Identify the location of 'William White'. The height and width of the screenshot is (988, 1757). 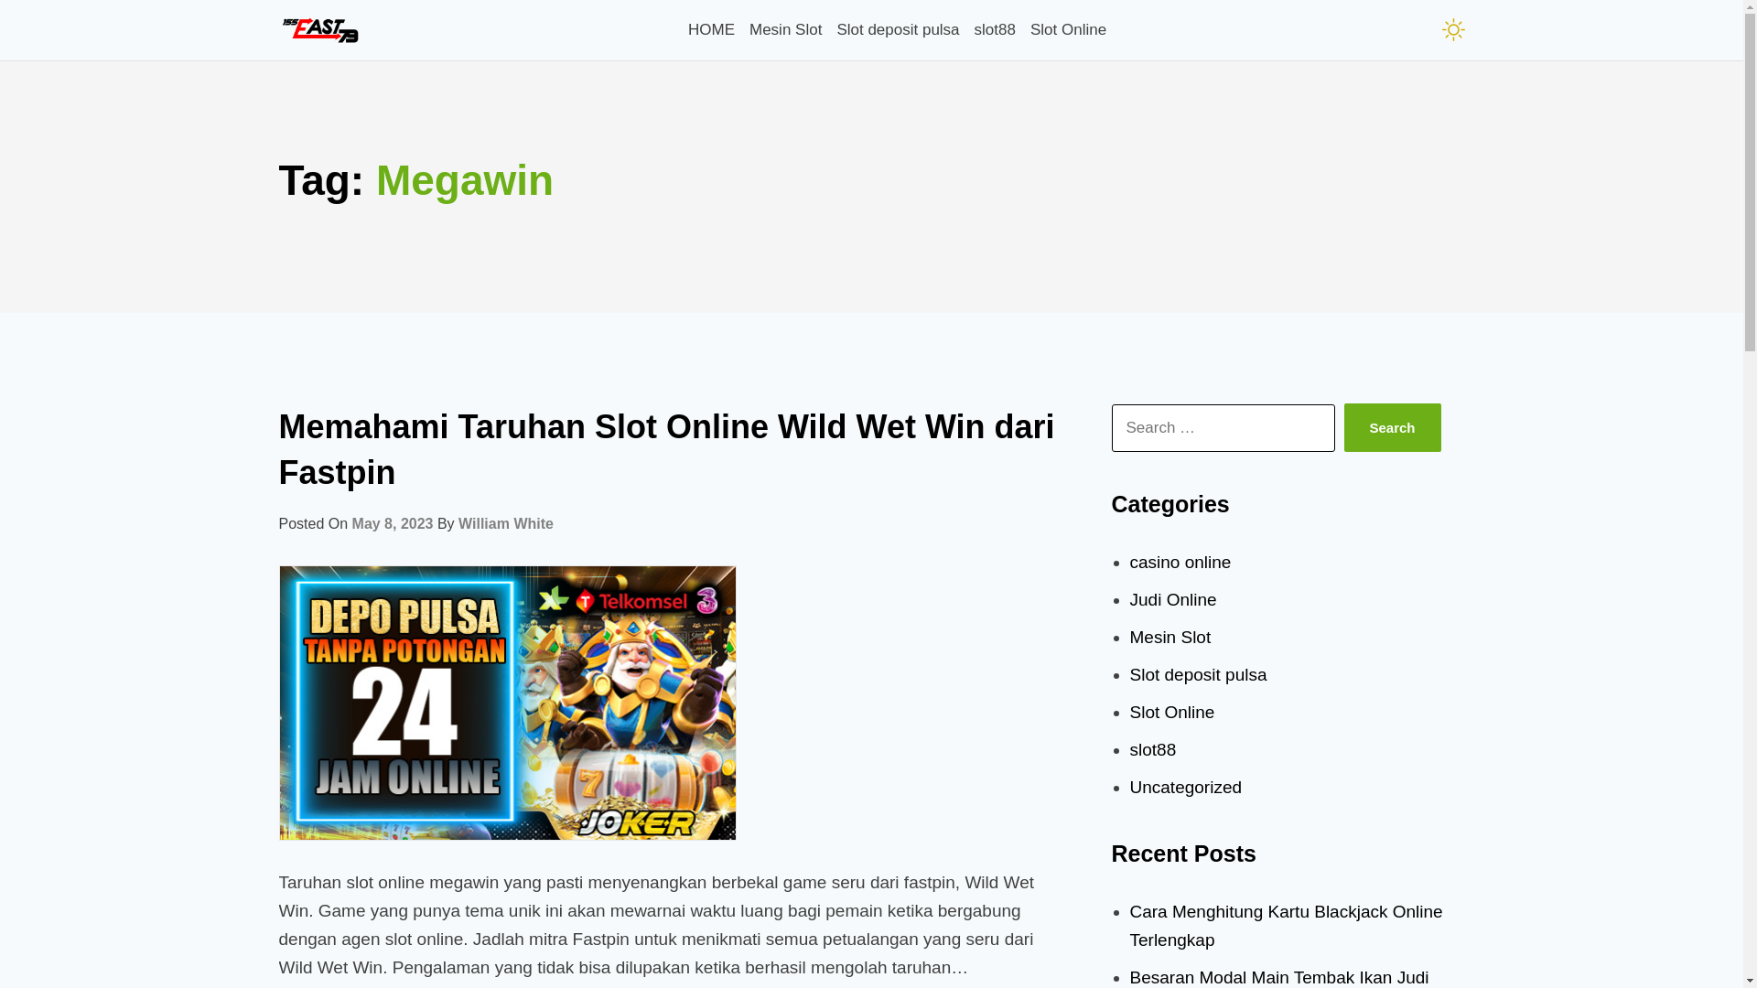
(505, 523).